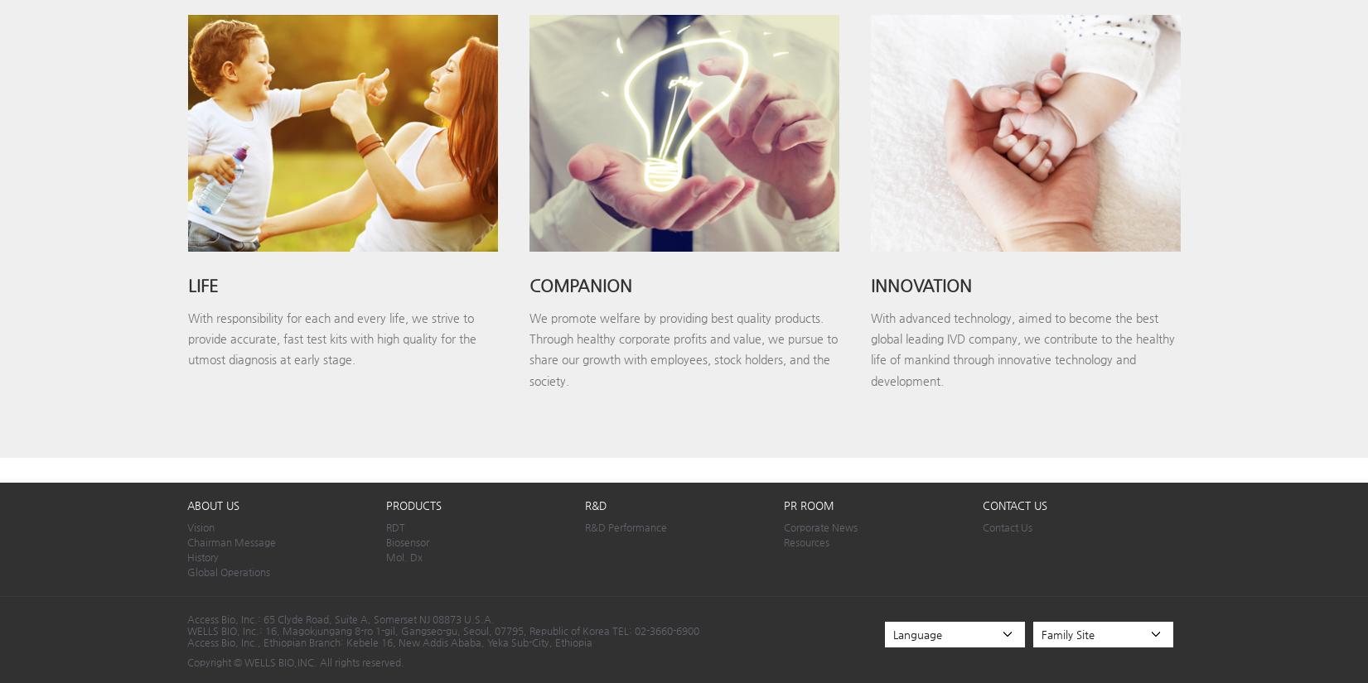  What do you see at coordinates (442, 629) in the screenshot?
I see `'WELLS BIO, Inc.: 16, Magokjungang 8-ro 1-gil, Gangseo-gu, Seoul, 07795, Republic of Korea    TEL: 02-3660-6900'` at bounding box center [442, 629].